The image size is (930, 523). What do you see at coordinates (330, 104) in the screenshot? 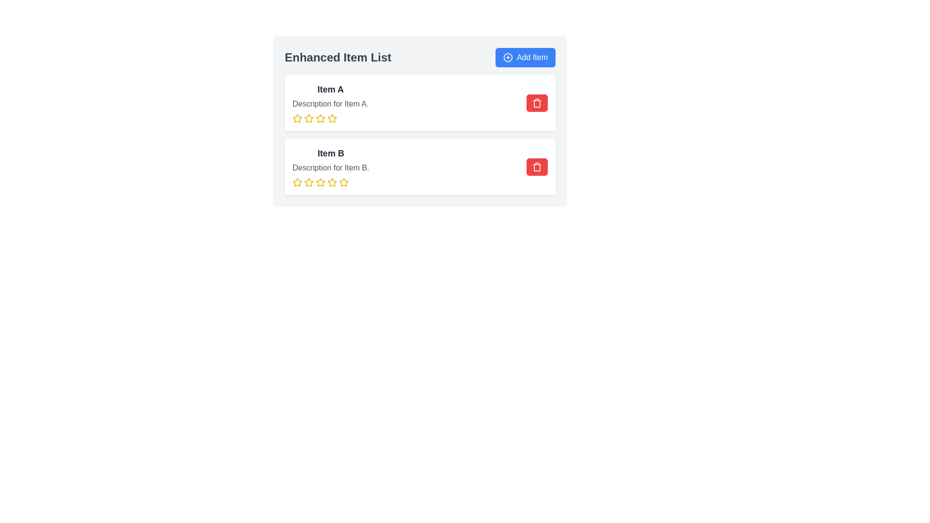
I see `the text label element that reads 'Description for Item A.' styled in gray, positioned centrally below 'Item A' and above a row of star icons` at bounding box center [330, 104].